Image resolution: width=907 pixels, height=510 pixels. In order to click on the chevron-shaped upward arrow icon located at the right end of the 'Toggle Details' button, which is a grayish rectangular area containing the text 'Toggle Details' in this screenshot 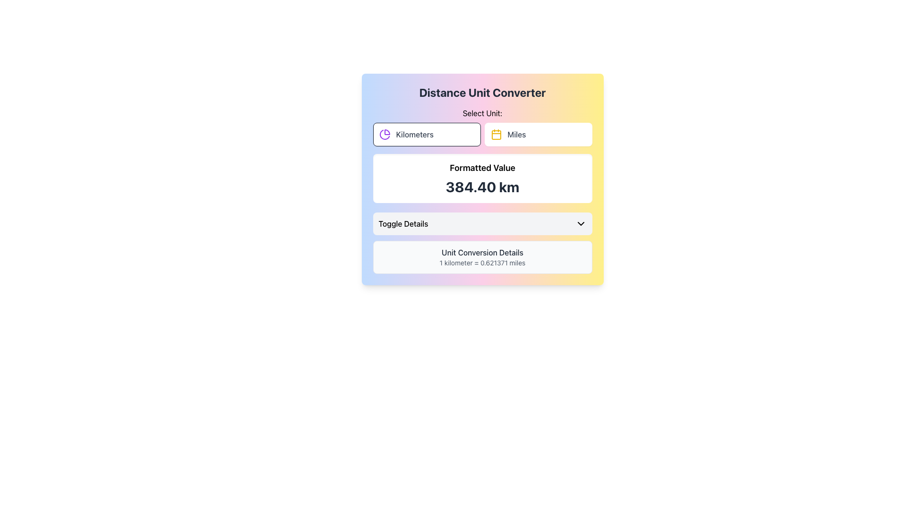, I will do `click(580, 224)`.